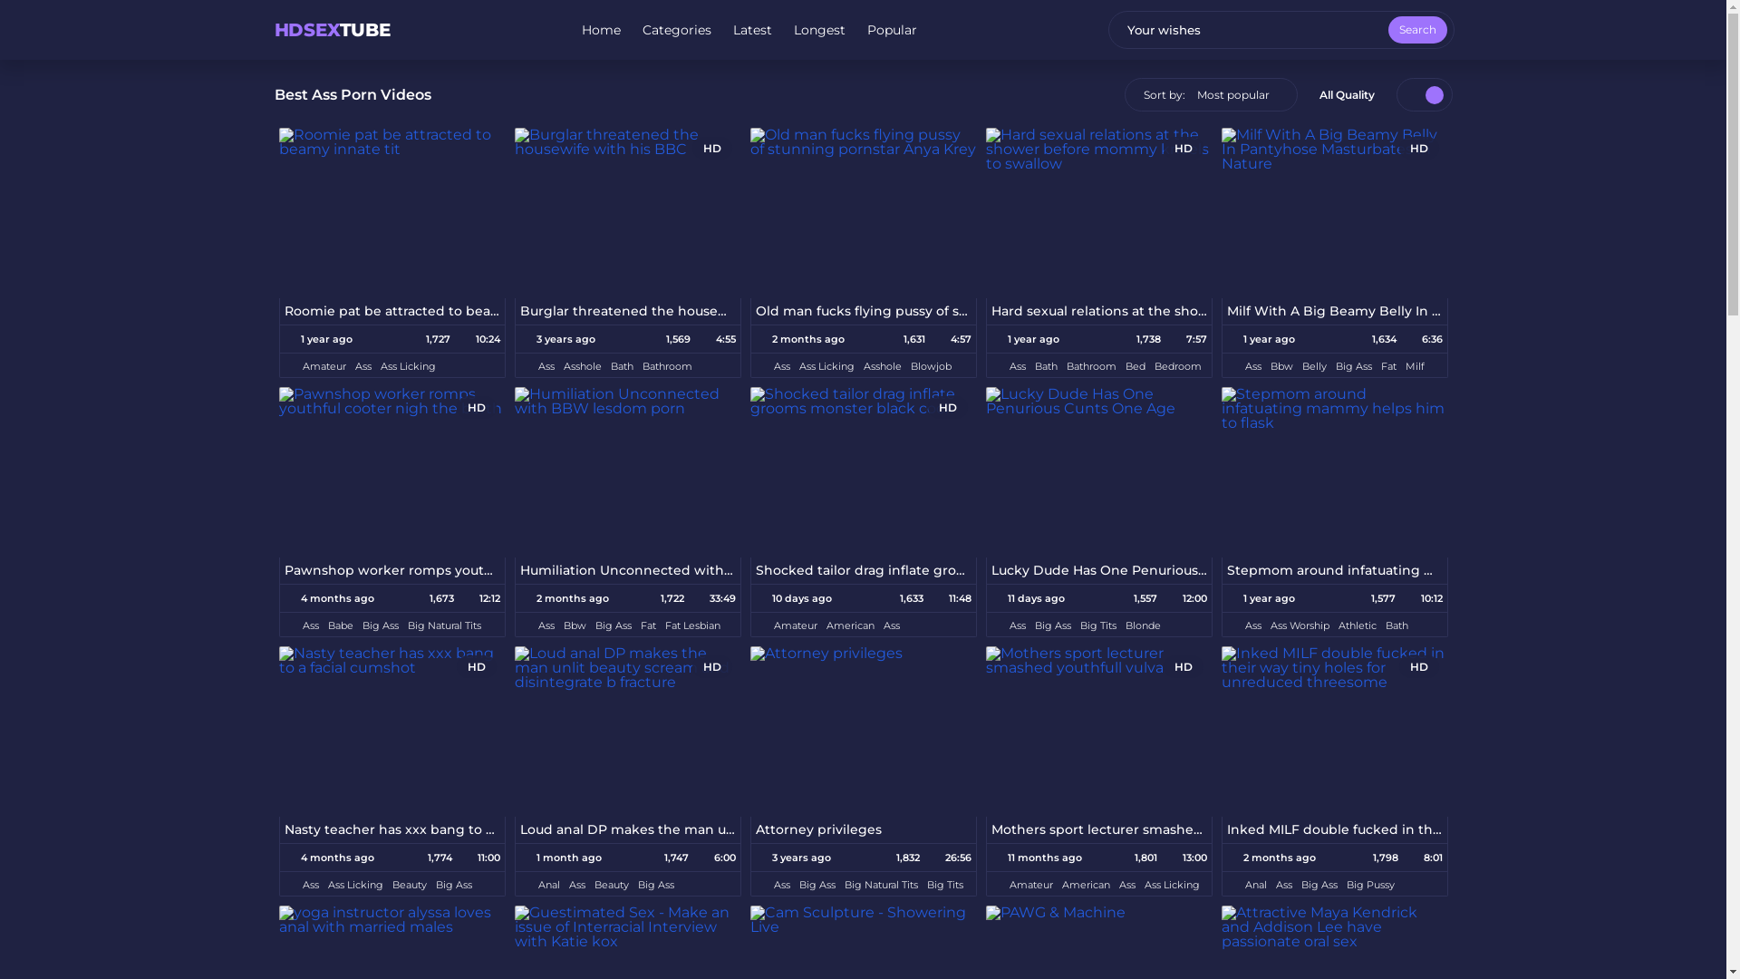 This screenshot has height=979, width=1740. Describe the element at coordinates (362, 625) in the screenshot. I see `'Big Ass'` at that location.